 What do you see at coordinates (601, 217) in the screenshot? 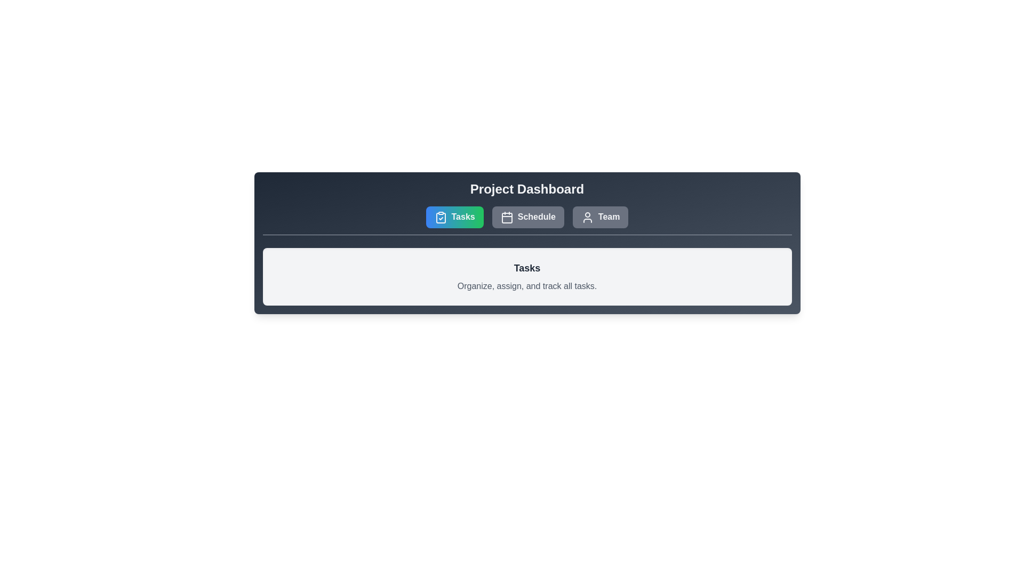
I see `the rightmost button in the navigation section used for Team management` at bounding box center [601, 217].